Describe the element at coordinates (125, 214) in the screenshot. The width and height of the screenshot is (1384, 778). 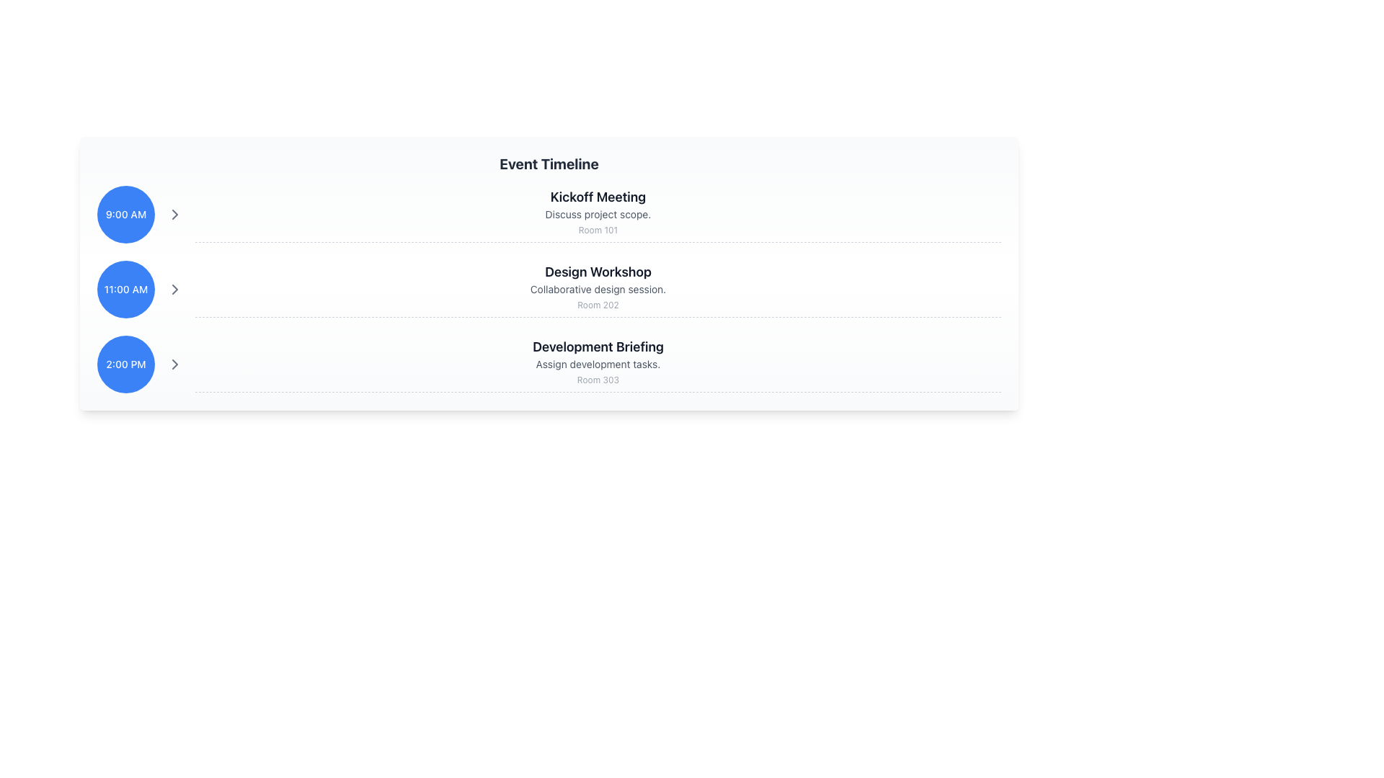
I see `the circular button with a blue background and white text displaying '9:00 AM' to interact with the associated event` at that location.